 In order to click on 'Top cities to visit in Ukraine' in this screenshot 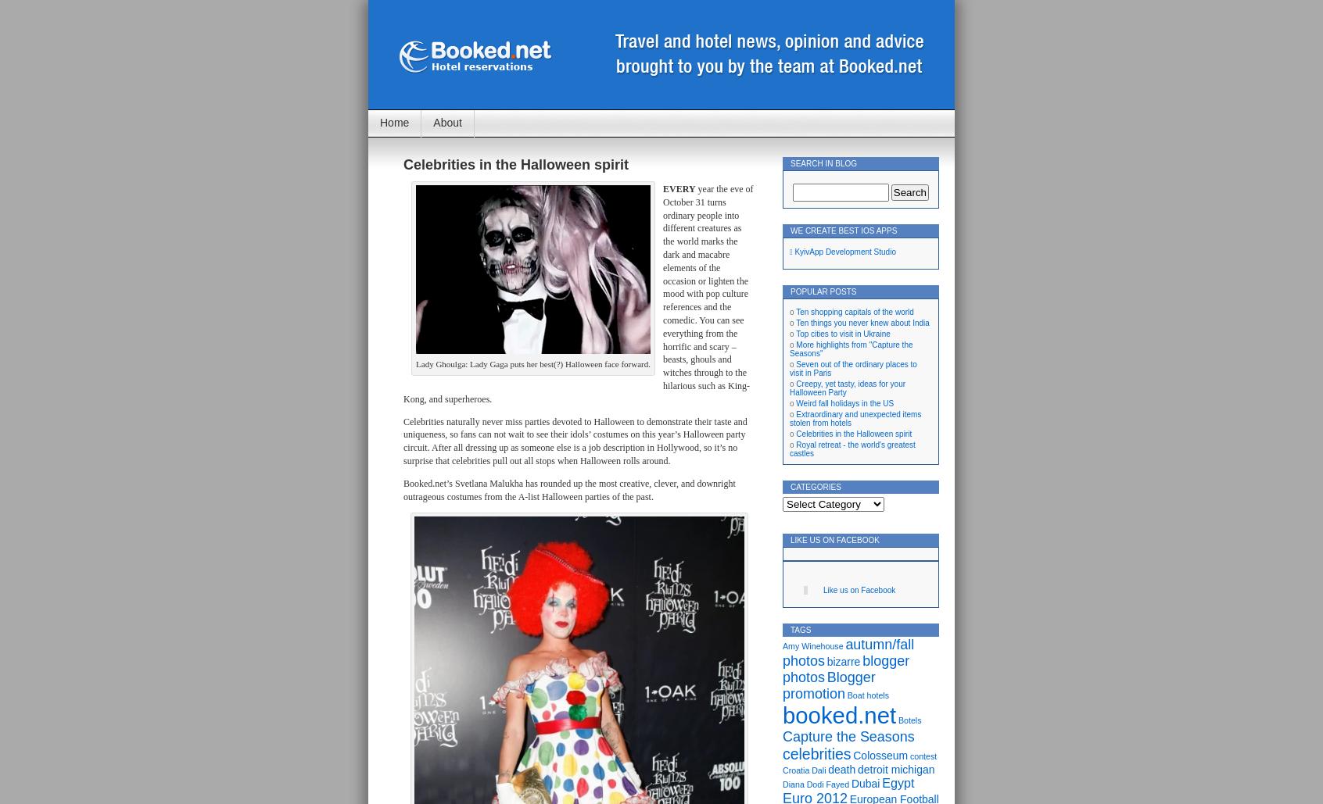, I will do `click(842, 333)`.